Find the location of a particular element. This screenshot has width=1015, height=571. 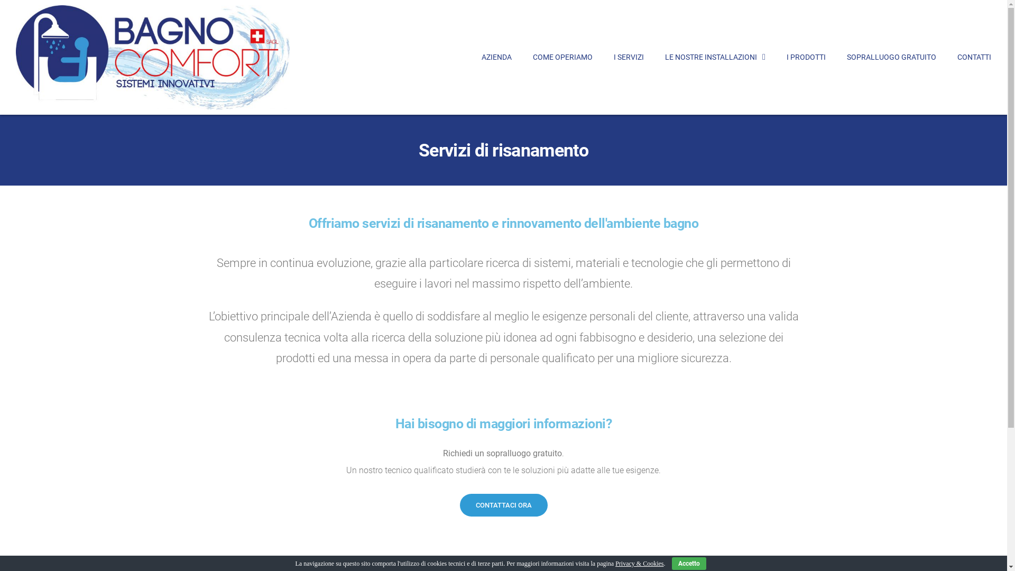

'CONTATTACI ORA' is located at coordinates (503, 504).